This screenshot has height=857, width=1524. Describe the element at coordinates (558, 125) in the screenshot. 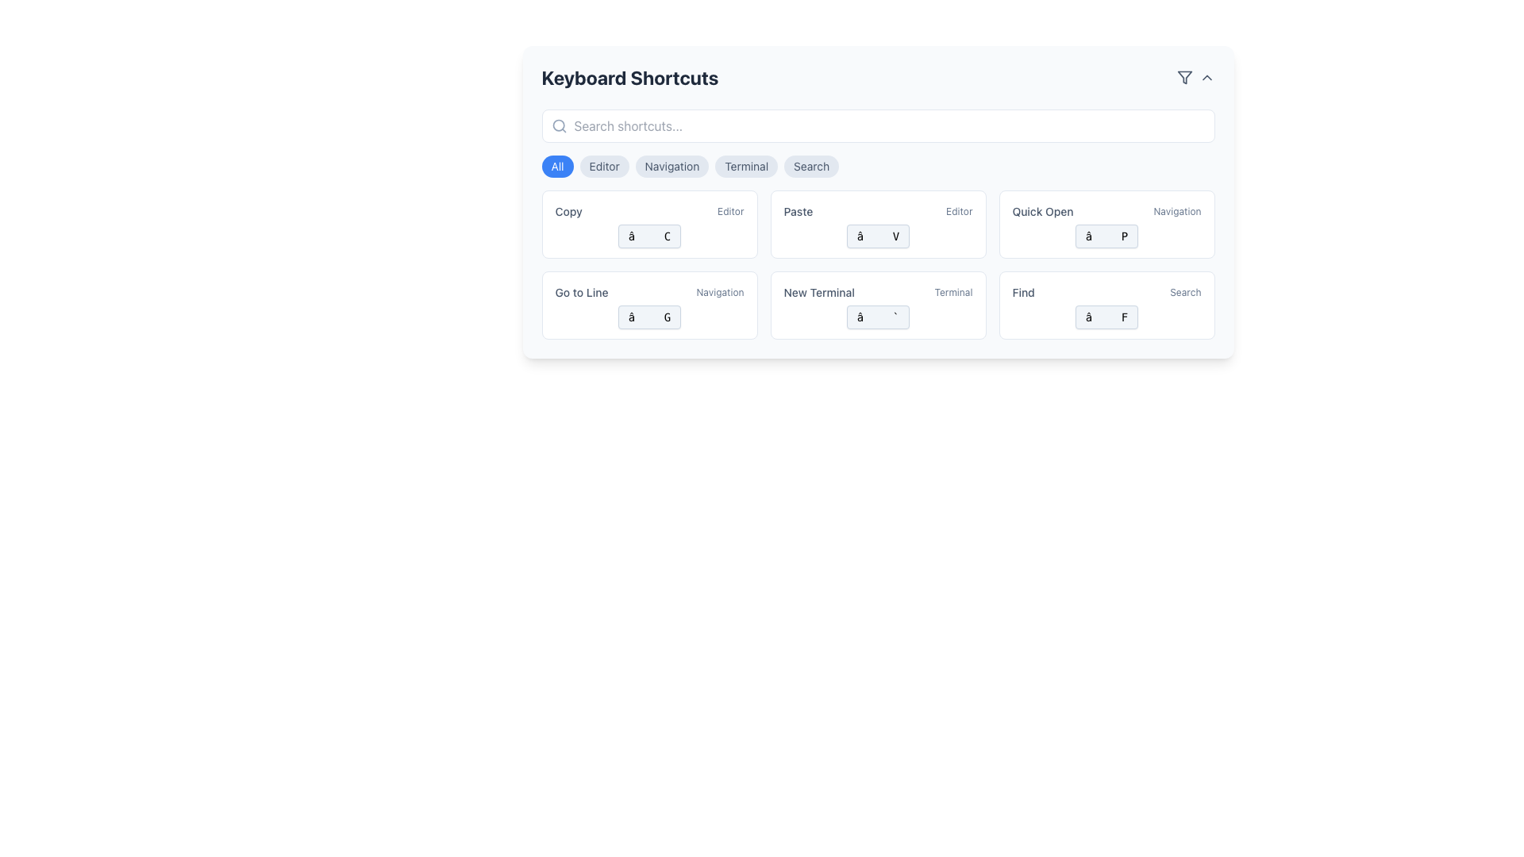

I see `the SVG graphical circle element representing the lens of the magnifying glass icon in the search bar interface` at that location.